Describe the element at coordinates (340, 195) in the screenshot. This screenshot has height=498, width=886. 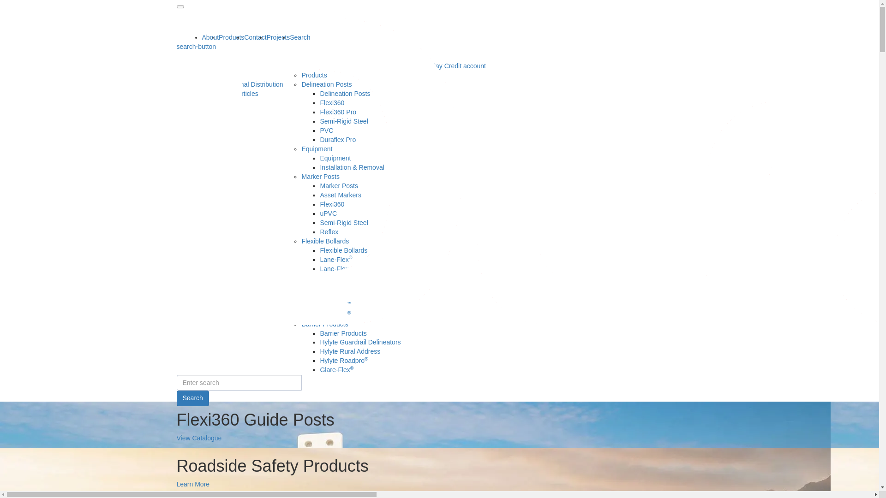
I see `'Asset Markers'` at that location.